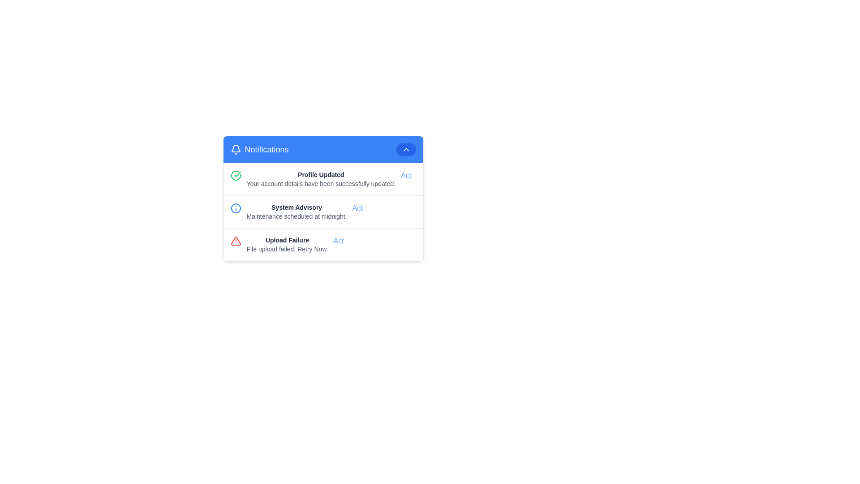  Describe the element at coordinates (236, 176) in the screenshot. I see `the green Checkmark icon located on the left side of the 'Profile Updated' notification card, which is the top notification in the list` at that location.